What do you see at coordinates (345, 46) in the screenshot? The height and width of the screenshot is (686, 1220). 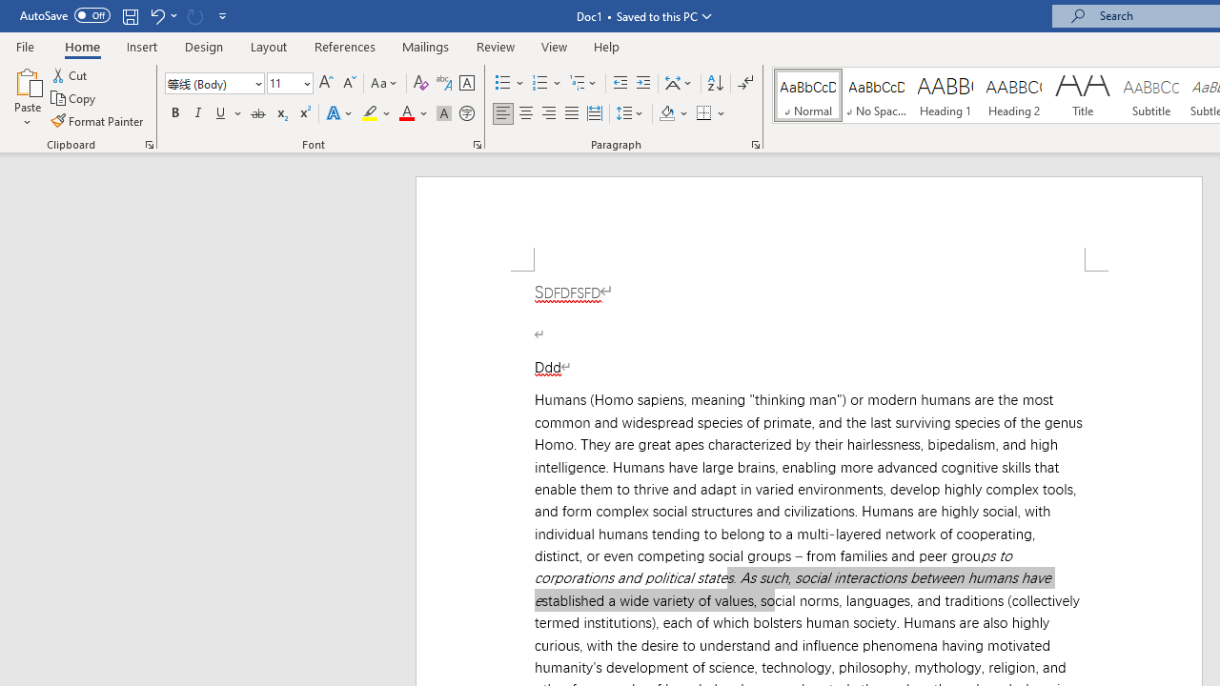 I see `'References'` at bounding box center [345, 46].